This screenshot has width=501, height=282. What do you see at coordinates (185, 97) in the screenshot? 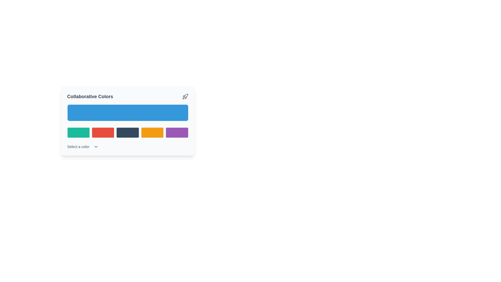
I see `the icon located to the right of the text 'Collaborative Colors'` at bounding box center [185, 97].